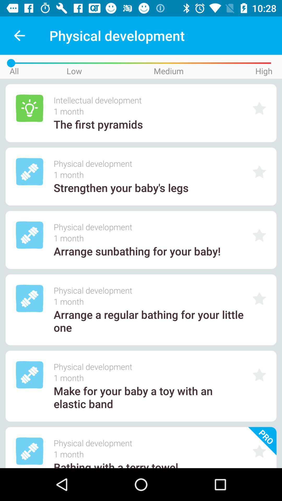 The width and height of the screenshot is (282, 501). Describe the element at coordinates (259, 235) in the screenshot. I see `to favorites` at that location.